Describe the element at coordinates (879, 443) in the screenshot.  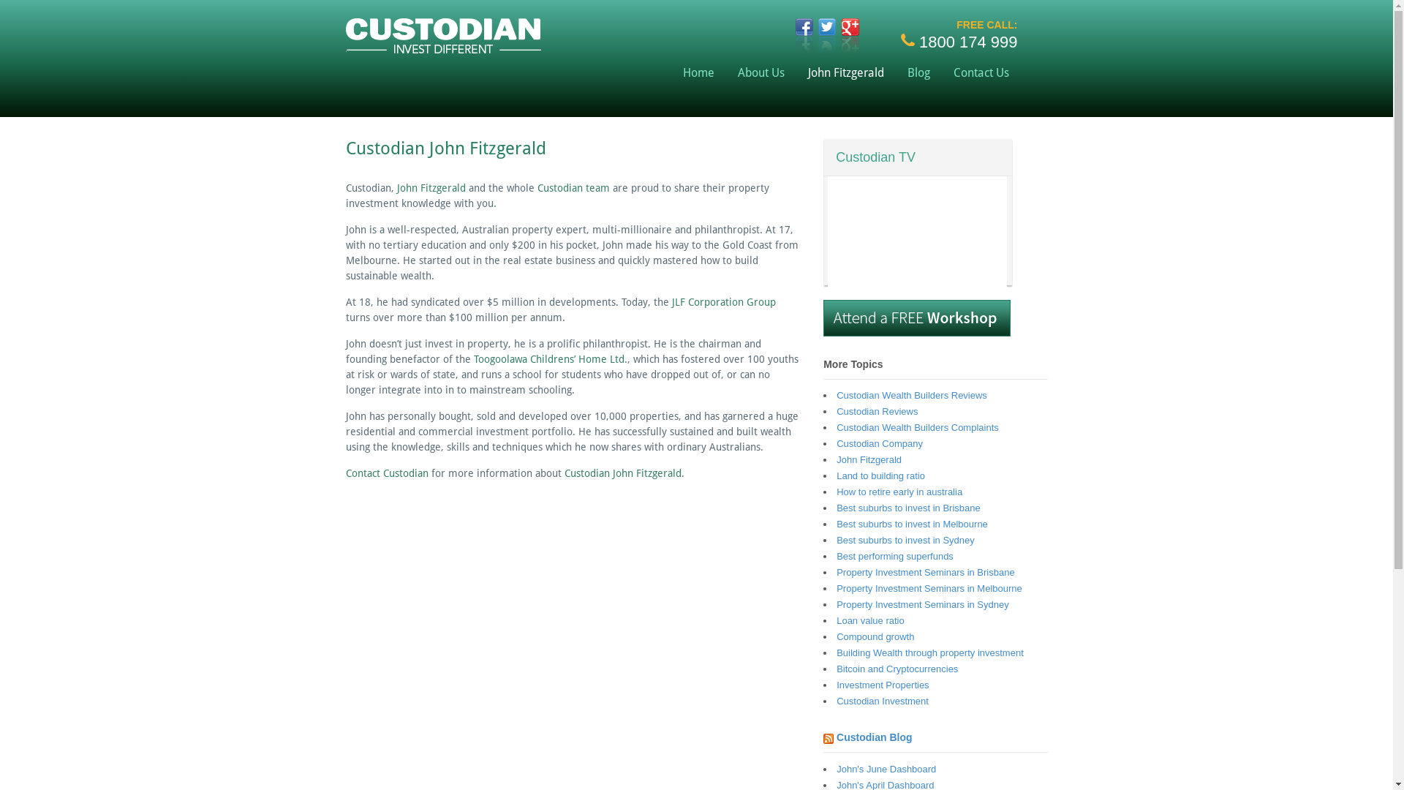
I see `'Custodian Company'` at that location.